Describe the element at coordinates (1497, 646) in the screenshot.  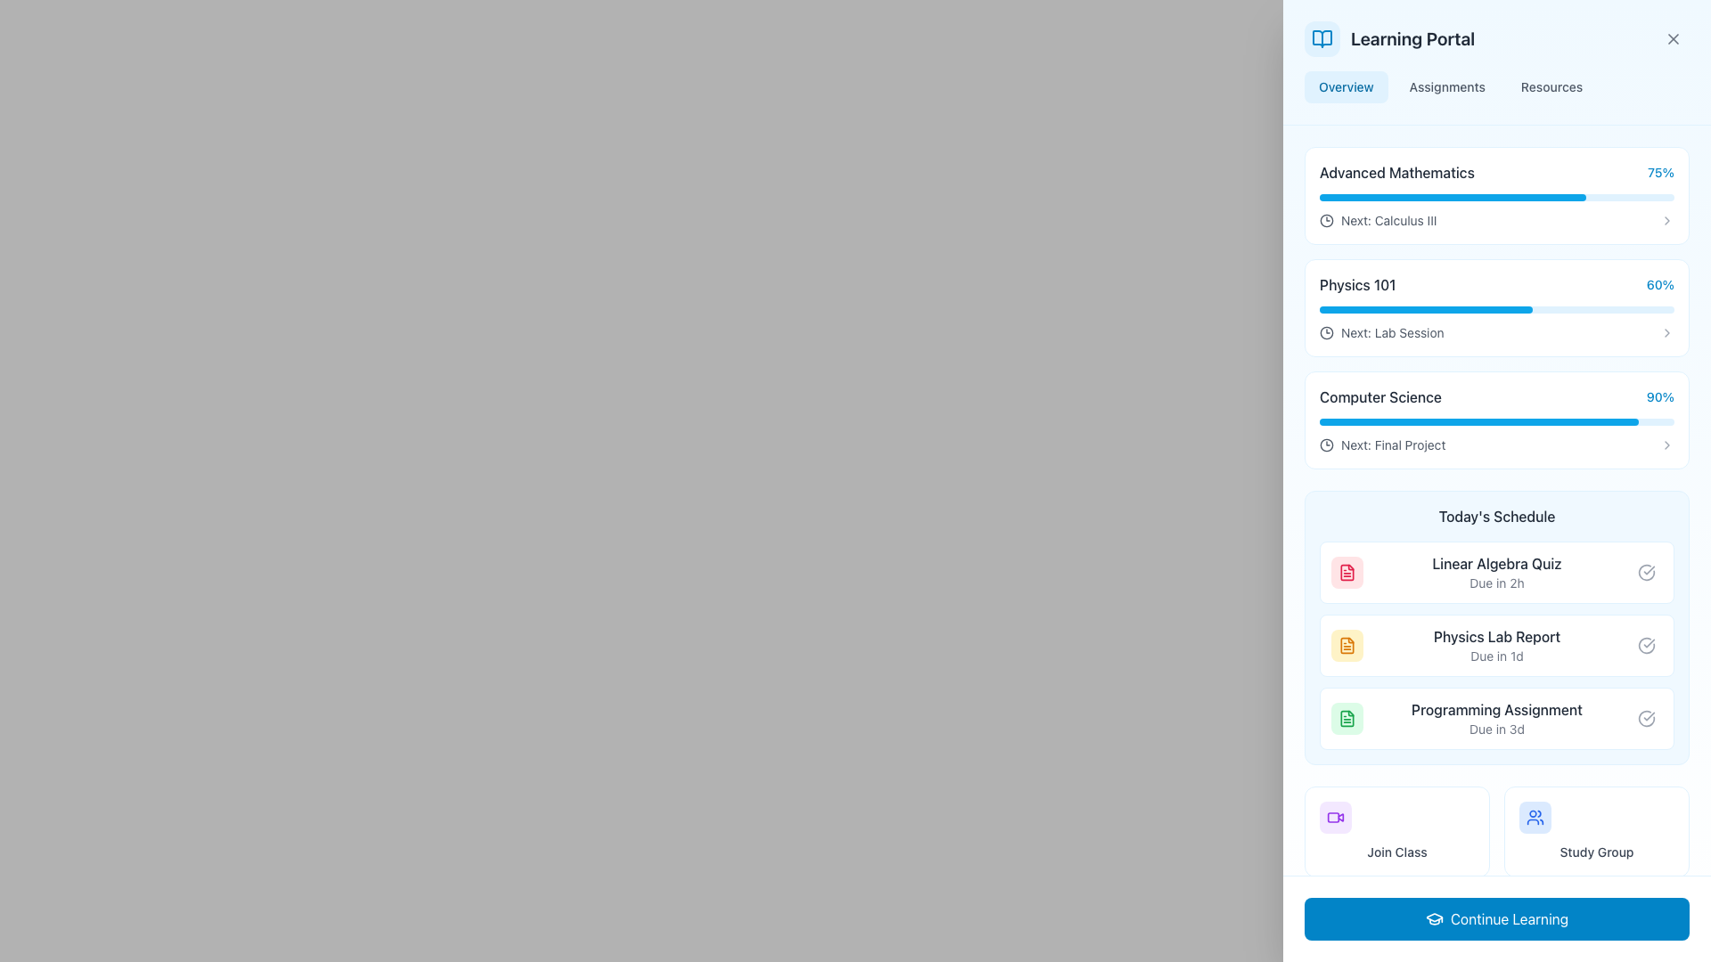
I see `the 'Physics Lab Report' card in 'Today's Schedule'` at that location.